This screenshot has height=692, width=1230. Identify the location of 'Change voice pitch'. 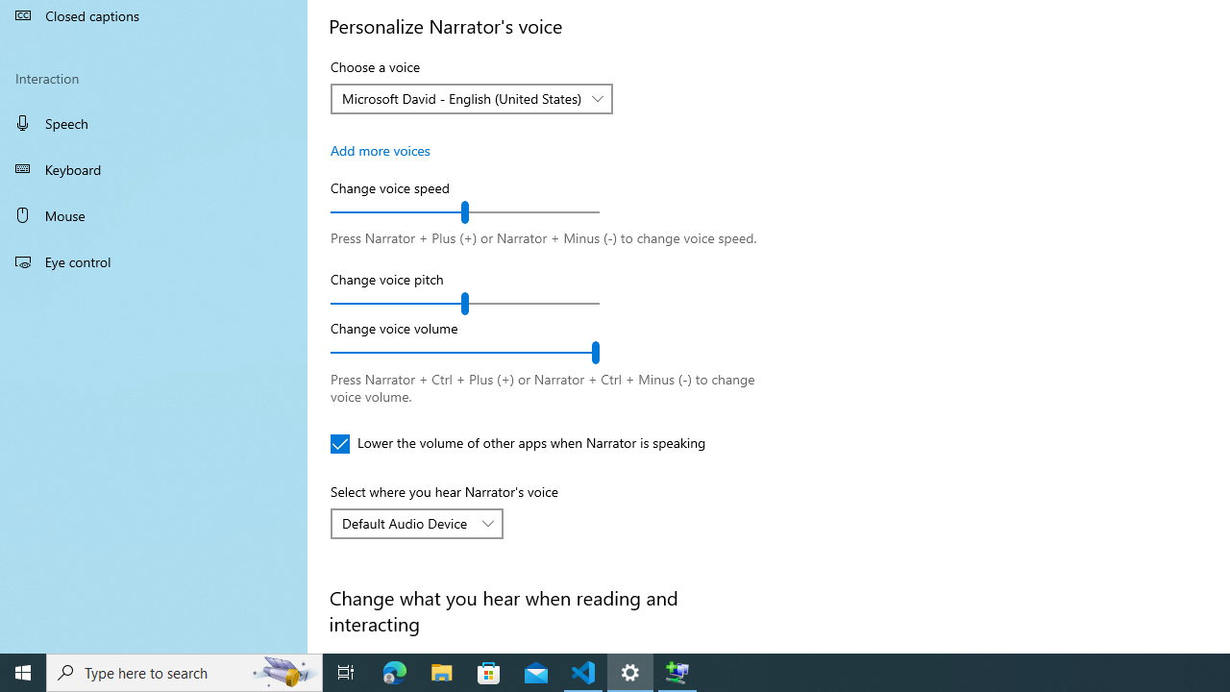
(465, 303).